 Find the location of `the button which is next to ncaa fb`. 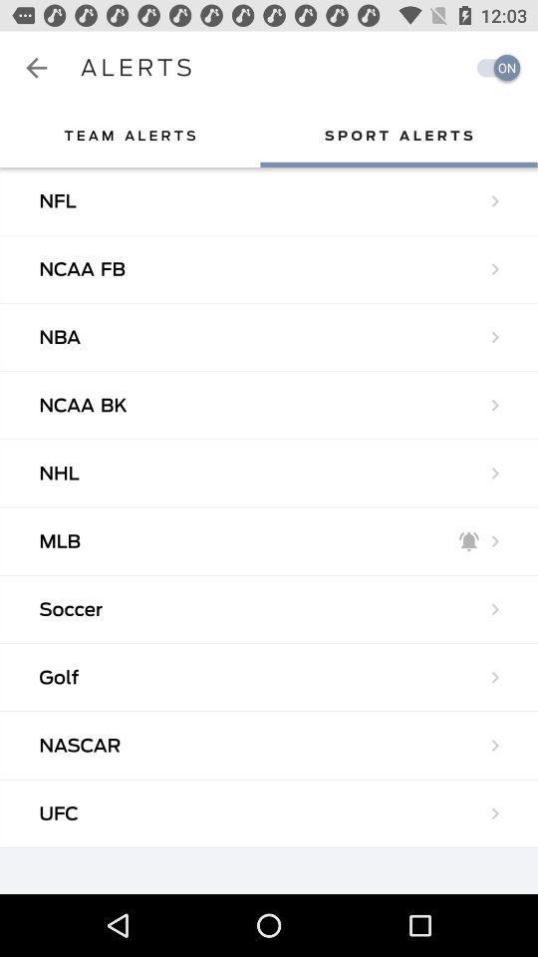

the button which is next to ncaa fb is located at coordinates (494, 267).